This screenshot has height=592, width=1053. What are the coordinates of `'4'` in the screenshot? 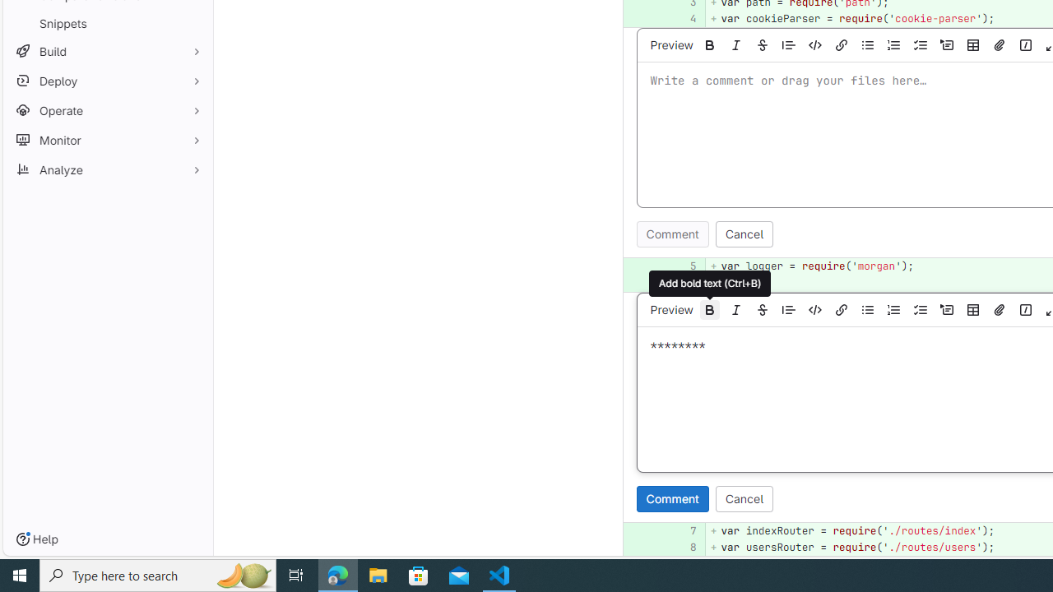 It's located at (684, 19).